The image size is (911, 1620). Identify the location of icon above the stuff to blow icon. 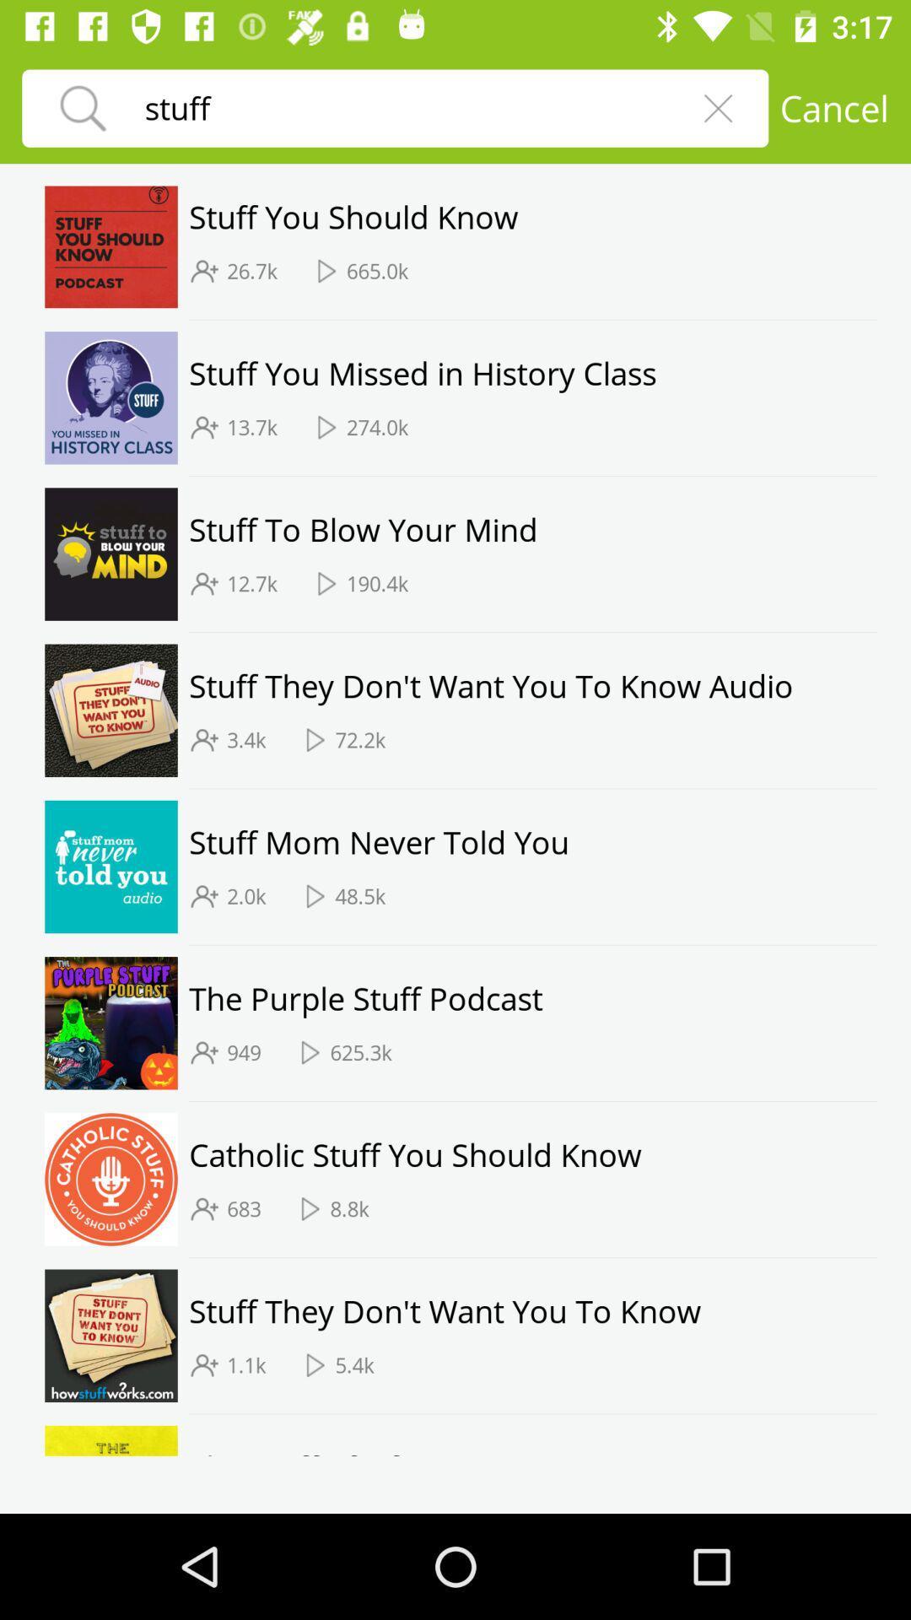
(532, 475).